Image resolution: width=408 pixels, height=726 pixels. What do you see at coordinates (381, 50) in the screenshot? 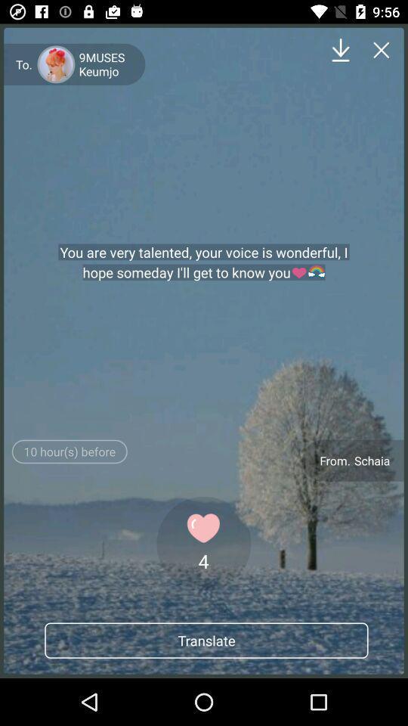
I see `icon above the schaia icon` at bounding box center [381, 50].